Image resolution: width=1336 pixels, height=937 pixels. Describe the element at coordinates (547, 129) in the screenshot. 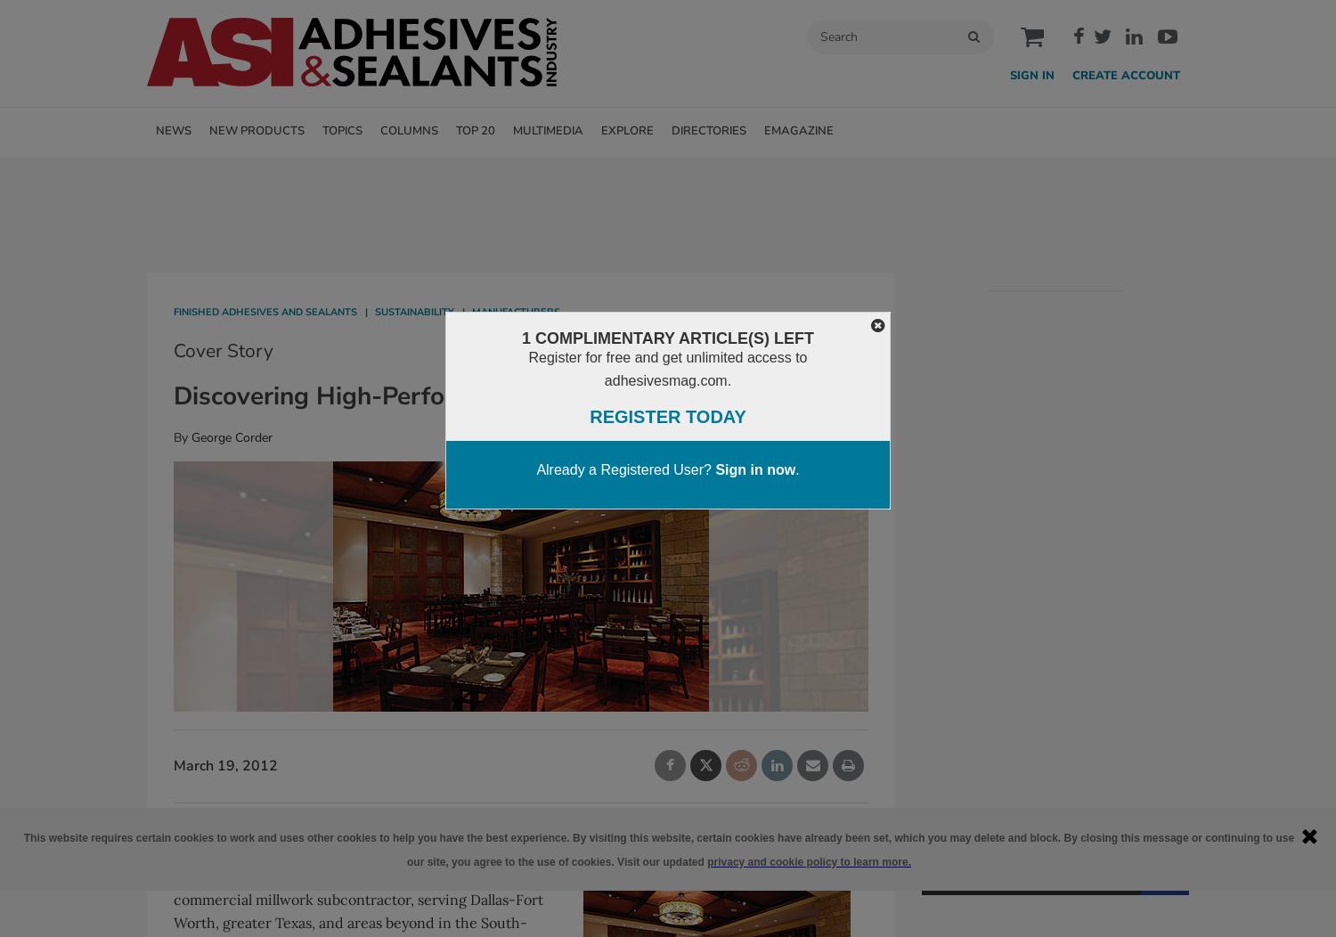

I see `'MULTIMEDIA'` at that location.